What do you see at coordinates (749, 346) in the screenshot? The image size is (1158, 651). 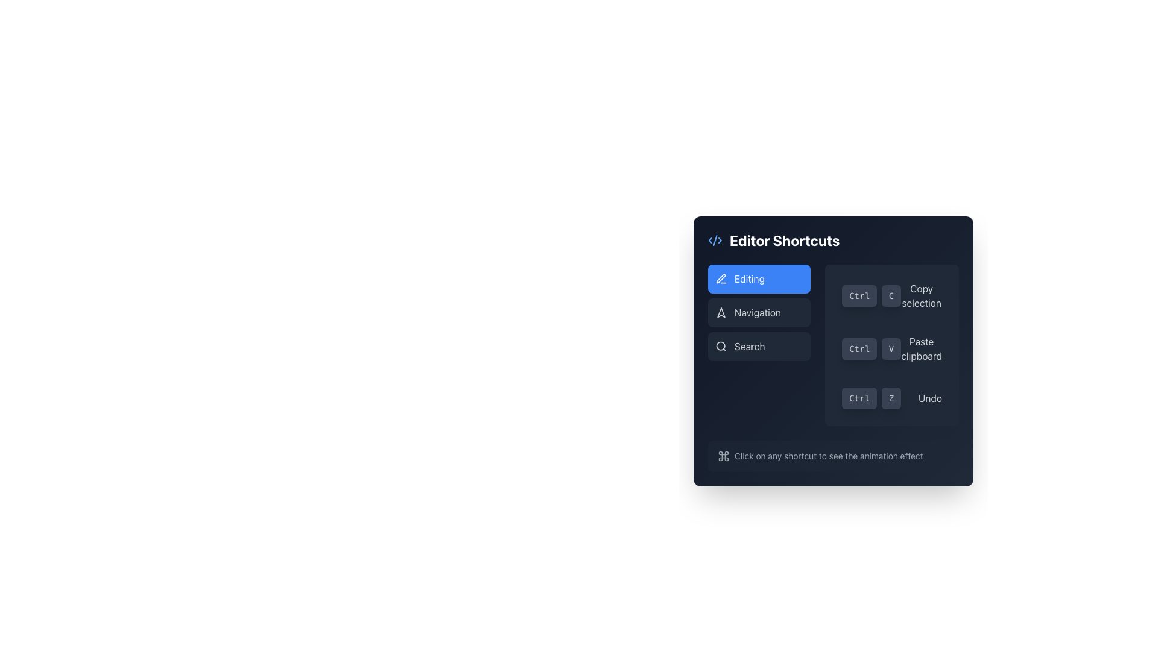 I see `the 'Search' button located at the bottom of the sidebar titled 'Editor Shortcuts'` at bounding box center [749, 346].